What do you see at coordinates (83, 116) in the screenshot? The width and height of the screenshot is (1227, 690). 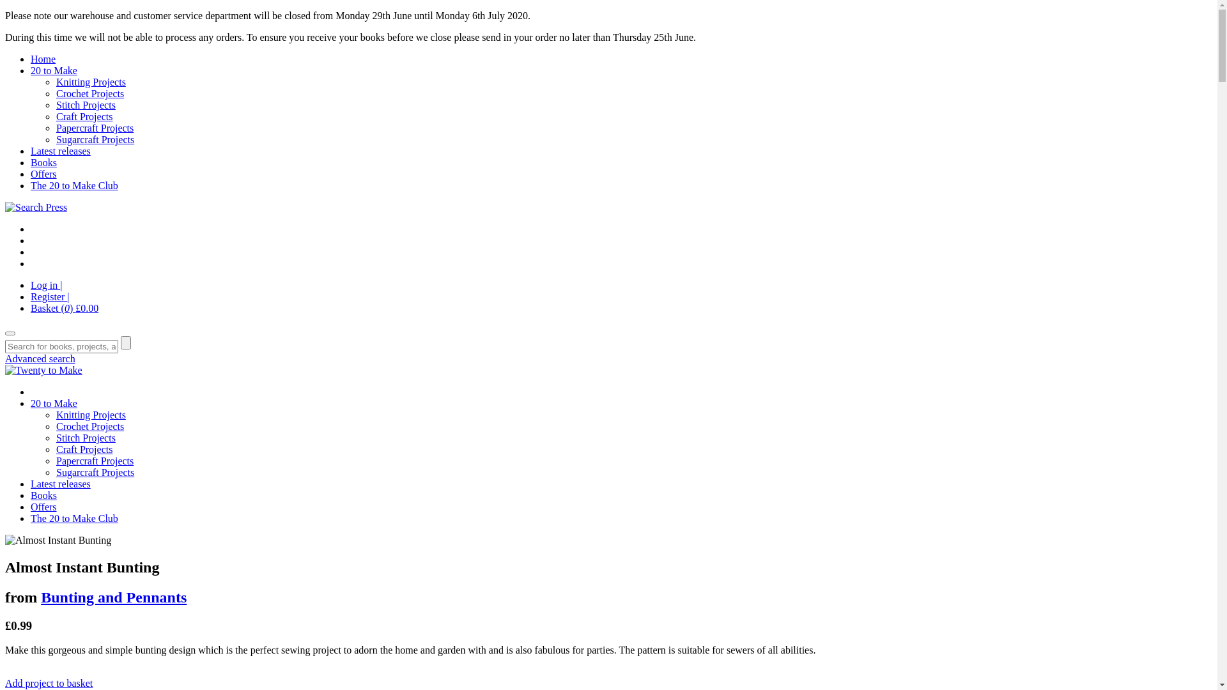 I see `'Craft Projects'` at bounding box center [83, 116].